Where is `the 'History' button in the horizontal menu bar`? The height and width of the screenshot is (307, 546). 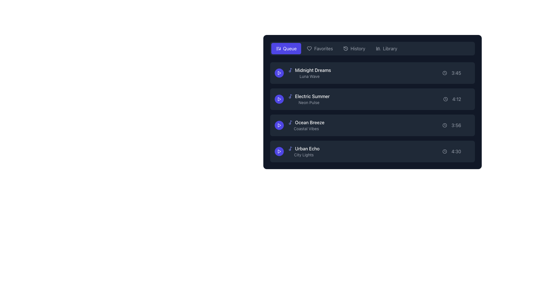 the 'History' button in the horizontal menu bar is located at coordinates (354, 48).